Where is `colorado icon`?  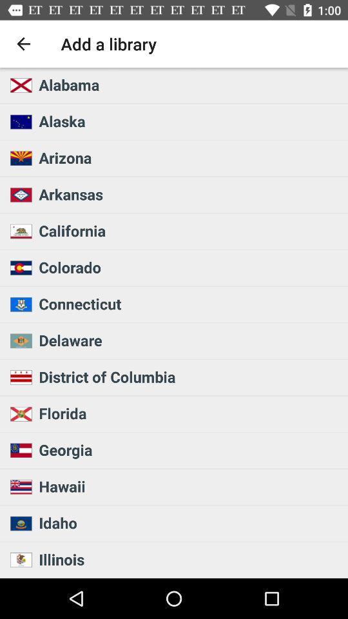
colorado icon is located at coordinates (189, 266).